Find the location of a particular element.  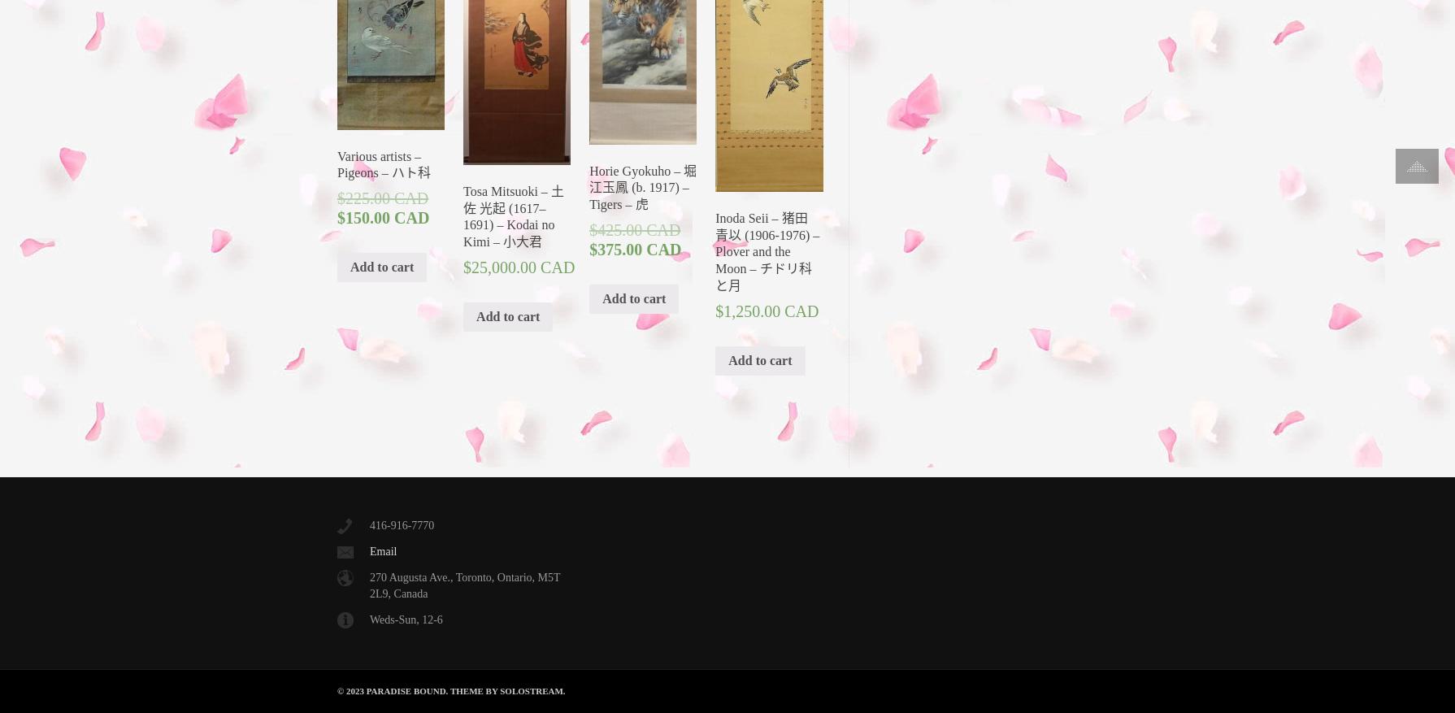

'©  2023 Paradise Bound.' is located at coordinates (393, 690).